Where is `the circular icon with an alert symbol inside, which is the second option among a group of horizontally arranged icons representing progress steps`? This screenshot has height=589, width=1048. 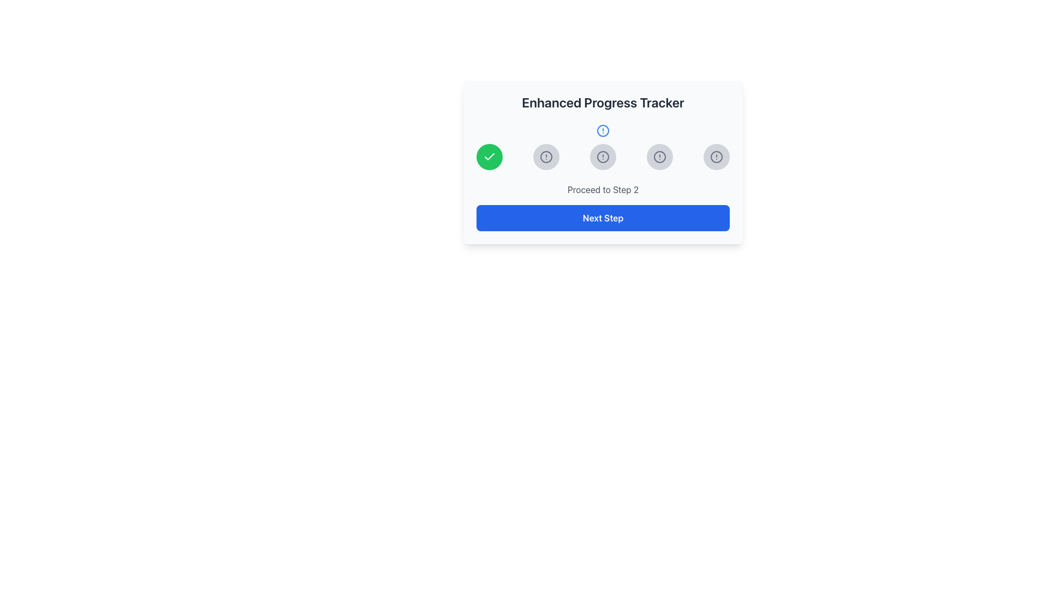 the circular icon with an alert symbol inside, which is the second option among a group of horizontally arranged icons representing progress steps is located at coordinates (546, 157).